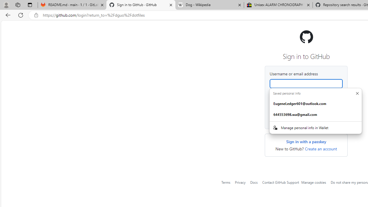  I want to click on 'Password', so click(306, 106).